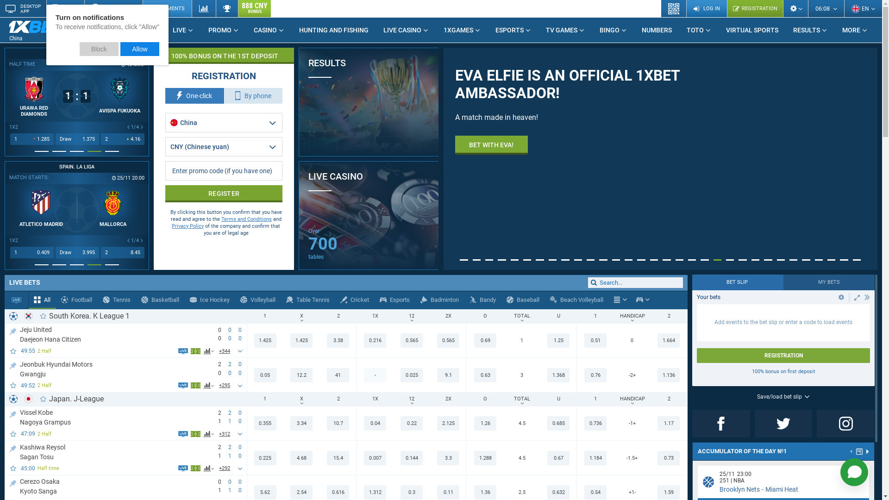  Describe the element at coordinates (190, 468) in the screenshot. I see `'Show 1xZone'` at that location.